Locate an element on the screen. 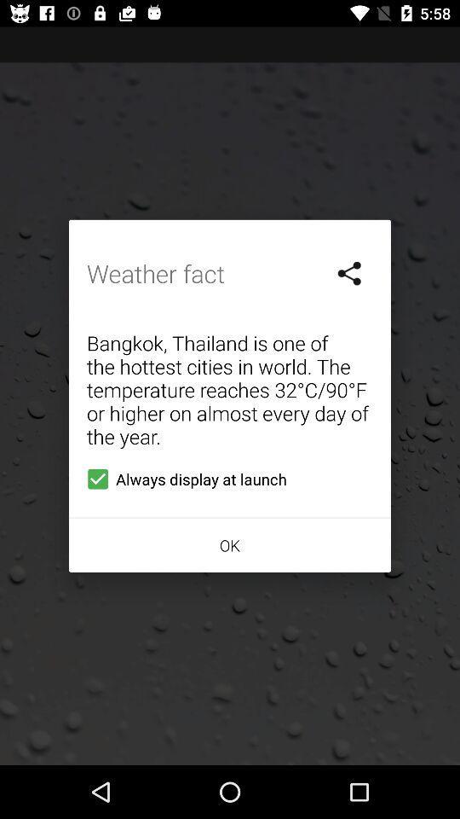 The image size is (460, 819). always display at icon is located at coordinates (182, 479).